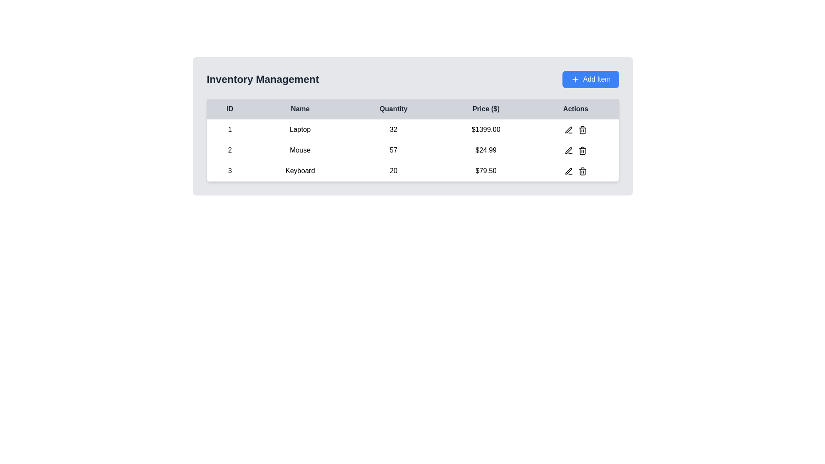  I want to click on the 'Actions' header text component in the tabular interface, which is the last column in the header row, displaying the text 'Actions' with a bold and centered font style, so click(576, 108).